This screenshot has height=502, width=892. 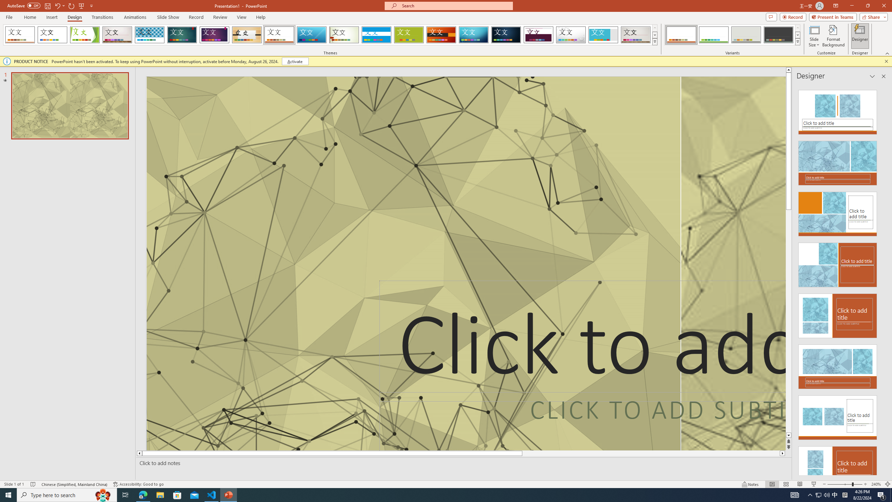 I want to click on 'Dividend', so click(x=538, y=35).